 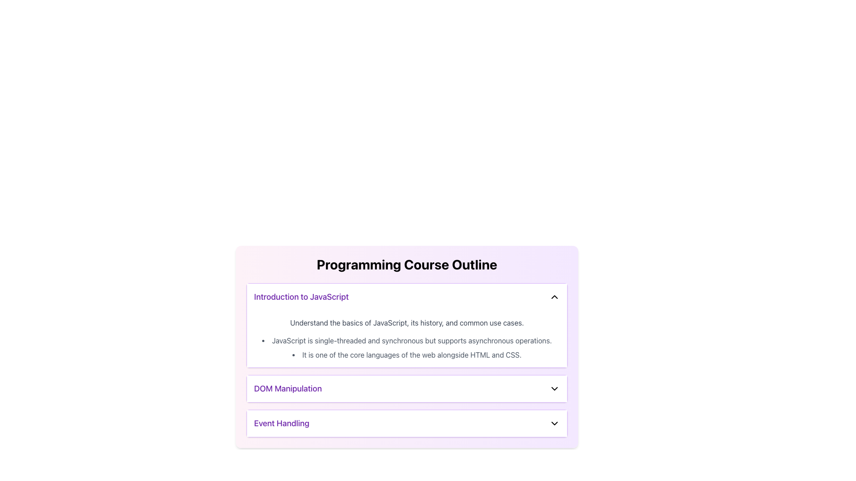 What do you see at coordinates (281, 423) in the screenshot?
I see `text content of the Text Label displaying 'Event Handling', which is bold and purple, located below the 'DOM Manipulation' heading in the 'Programming Course Outline'` at bounding box center [281, 423].